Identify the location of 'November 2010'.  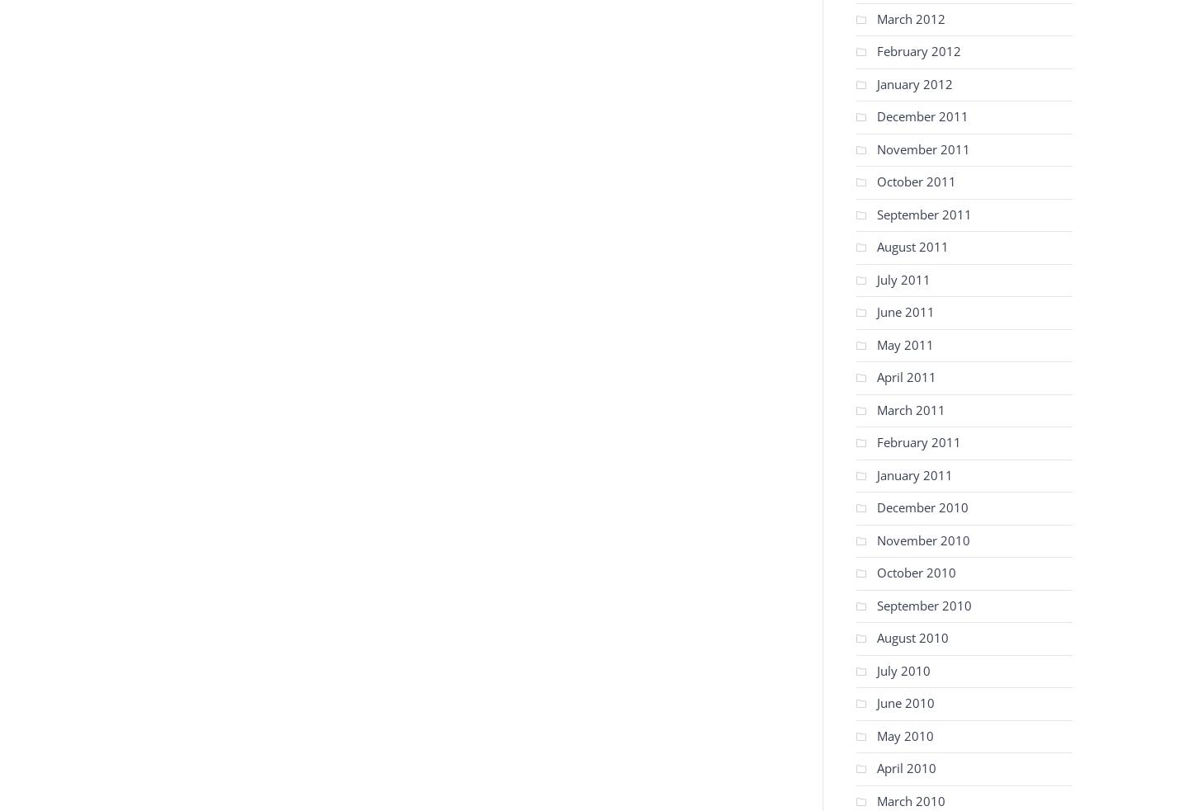
(922, 539).